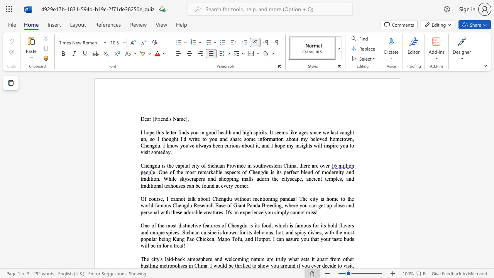 This screenshot has width=494, height=278. What do you see at coordinates (222, 139) in the screenshot?
I see `the space between the continuous character "a" and "n" in the text` at bounding box center [222, 139].